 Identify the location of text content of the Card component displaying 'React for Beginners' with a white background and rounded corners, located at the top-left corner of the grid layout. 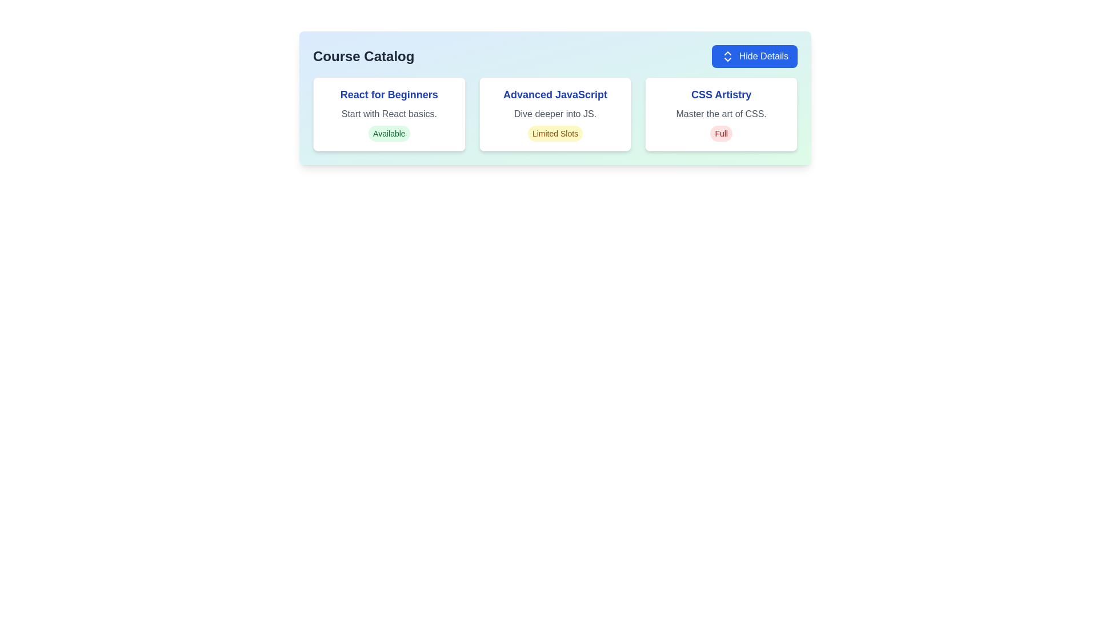
(389, 114).